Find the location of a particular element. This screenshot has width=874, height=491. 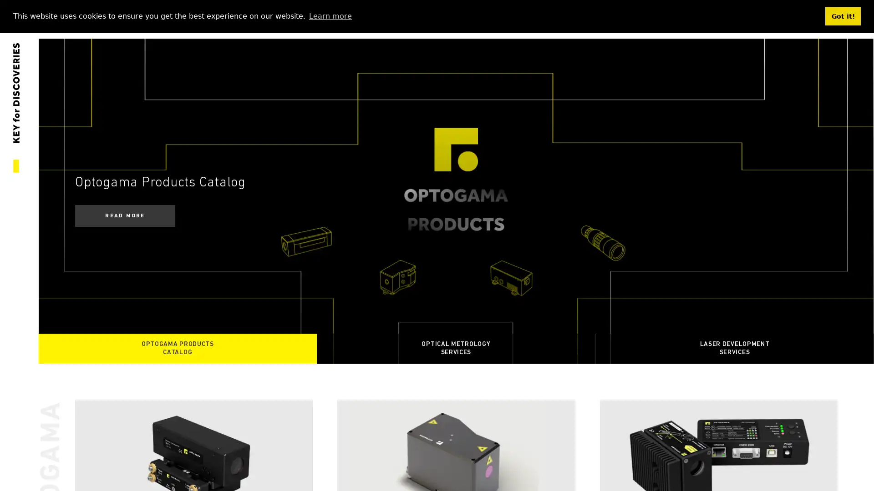

learn more about cookies is located at coordinates (330, 15).